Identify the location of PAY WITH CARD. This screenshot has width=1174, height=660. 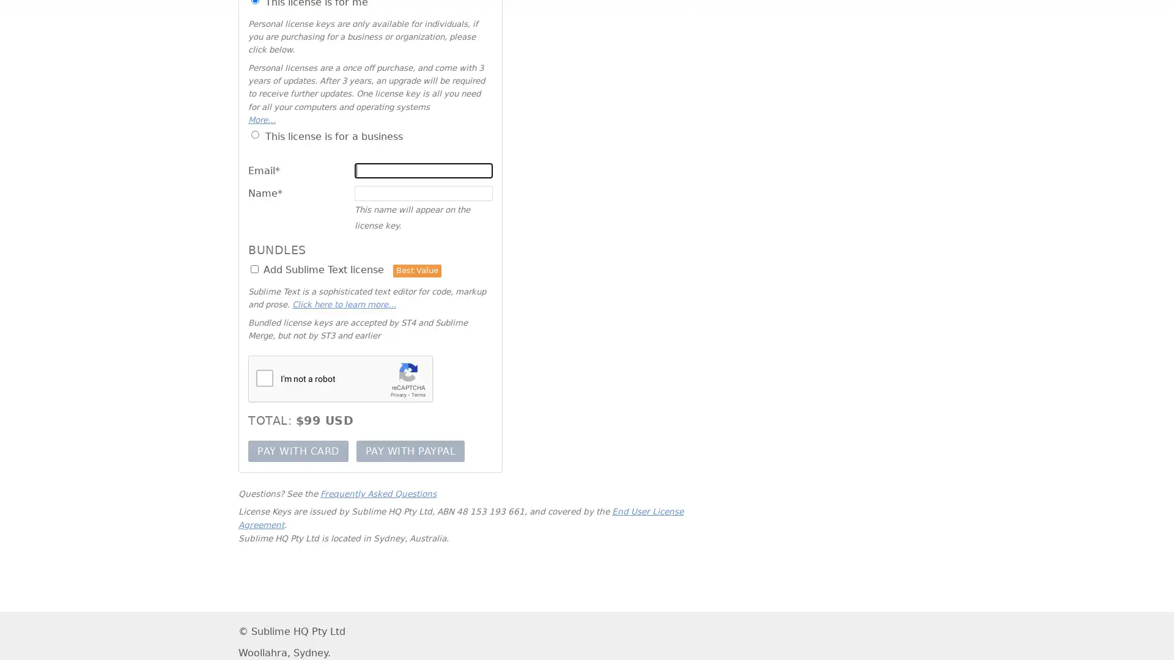
(298, 450).